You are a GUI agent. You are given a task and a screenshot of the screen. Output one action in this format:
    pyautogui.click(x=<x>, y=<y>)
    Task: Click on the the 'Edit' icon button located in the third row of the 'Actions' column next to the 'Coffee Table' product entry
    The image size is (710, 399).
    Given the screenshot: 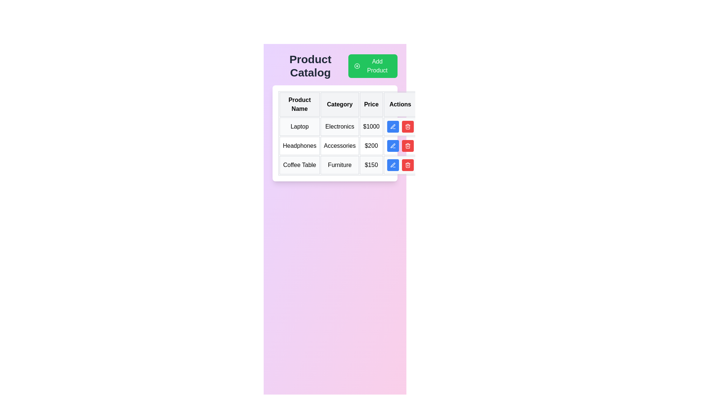 What is the action you would take?
    pyautogui.click(x=392, y=146)
    